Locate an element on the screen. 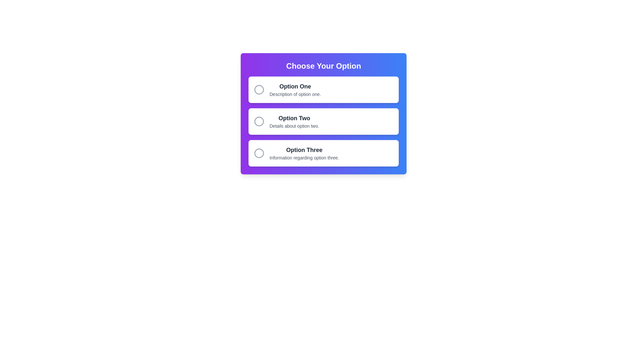  the circular part of the radio button for 'Option Two', which is visually styled with a thin stroke and no fill is located at coordinates (259, 121).